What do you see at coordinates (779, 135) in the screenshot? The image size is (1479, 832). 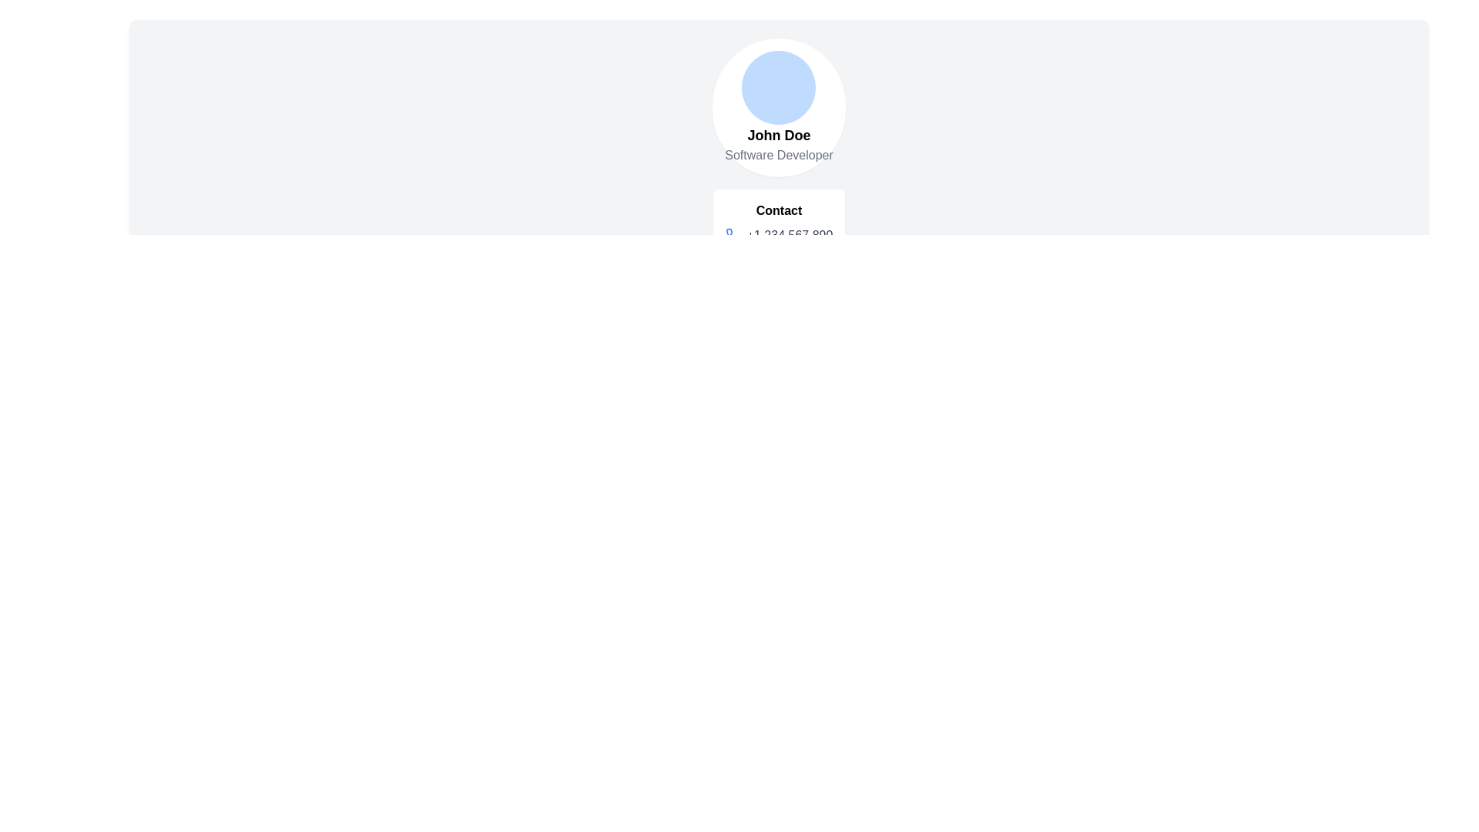 I see `the static text label displaying 'John Doe', which is a bold, large font text positioned below a circular avatar image` at bounding box center [779, 135].